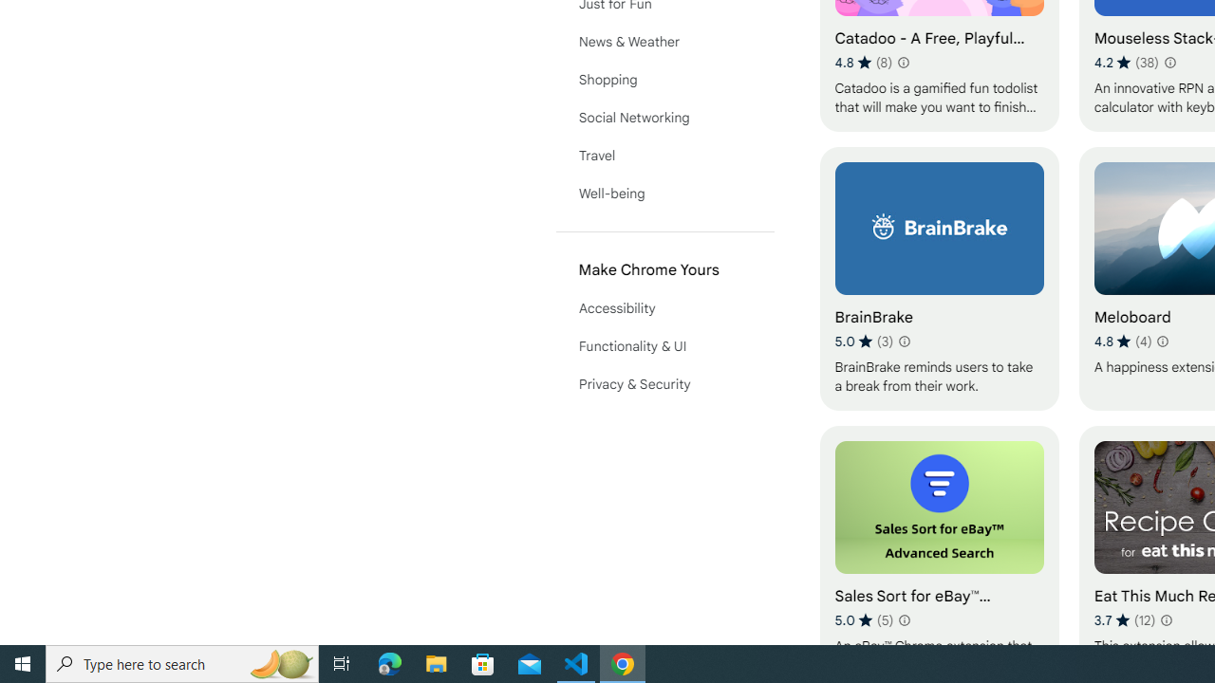 The image size is (1215, 683). I want to click on 'Average rating 4.2 out of 5 stars. 38 ratings.', so click(1127, 62).